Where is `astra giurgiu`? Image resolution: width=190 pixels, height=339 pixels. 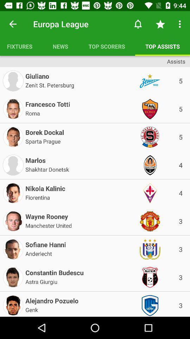 astra giurgiu is located at coordinates (41, 281).